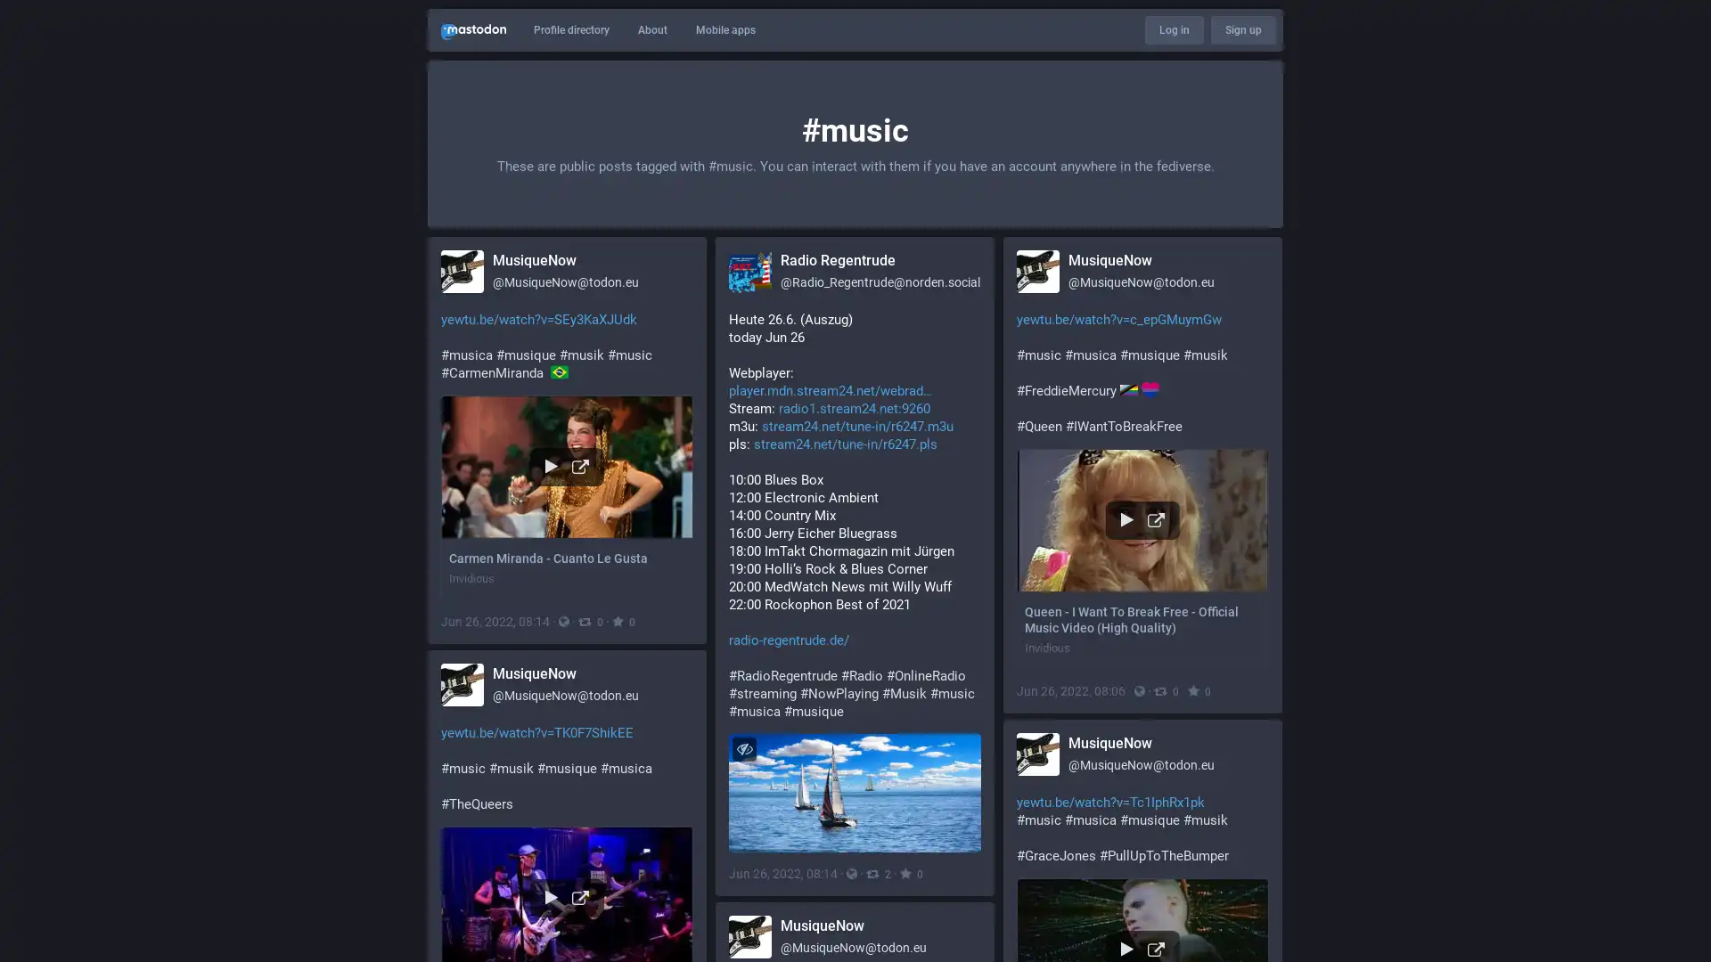 Image resolution: width=1711 pixels, height=962 pixels. What do you see at coordinates (1142, 558) in the screenshot?
I see `Queen - I Want To Break Free - Official Music Video (High Quality) Invidious` at bounding box center [1142, 558].